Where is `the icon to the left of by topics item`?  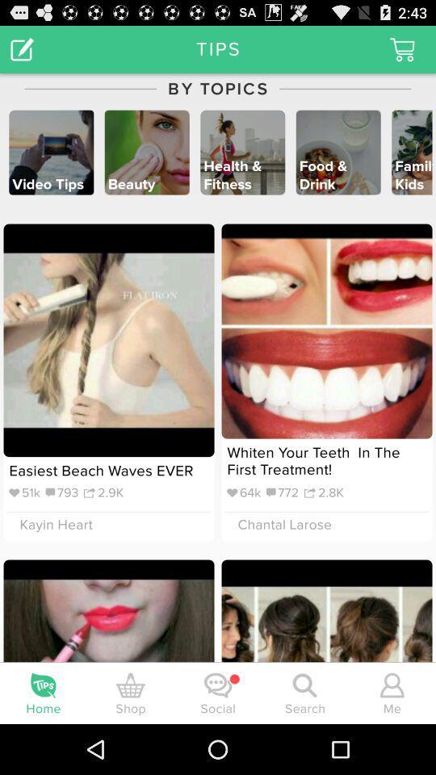
the icon to the left of by topics item is located at coordinates (21, 48).